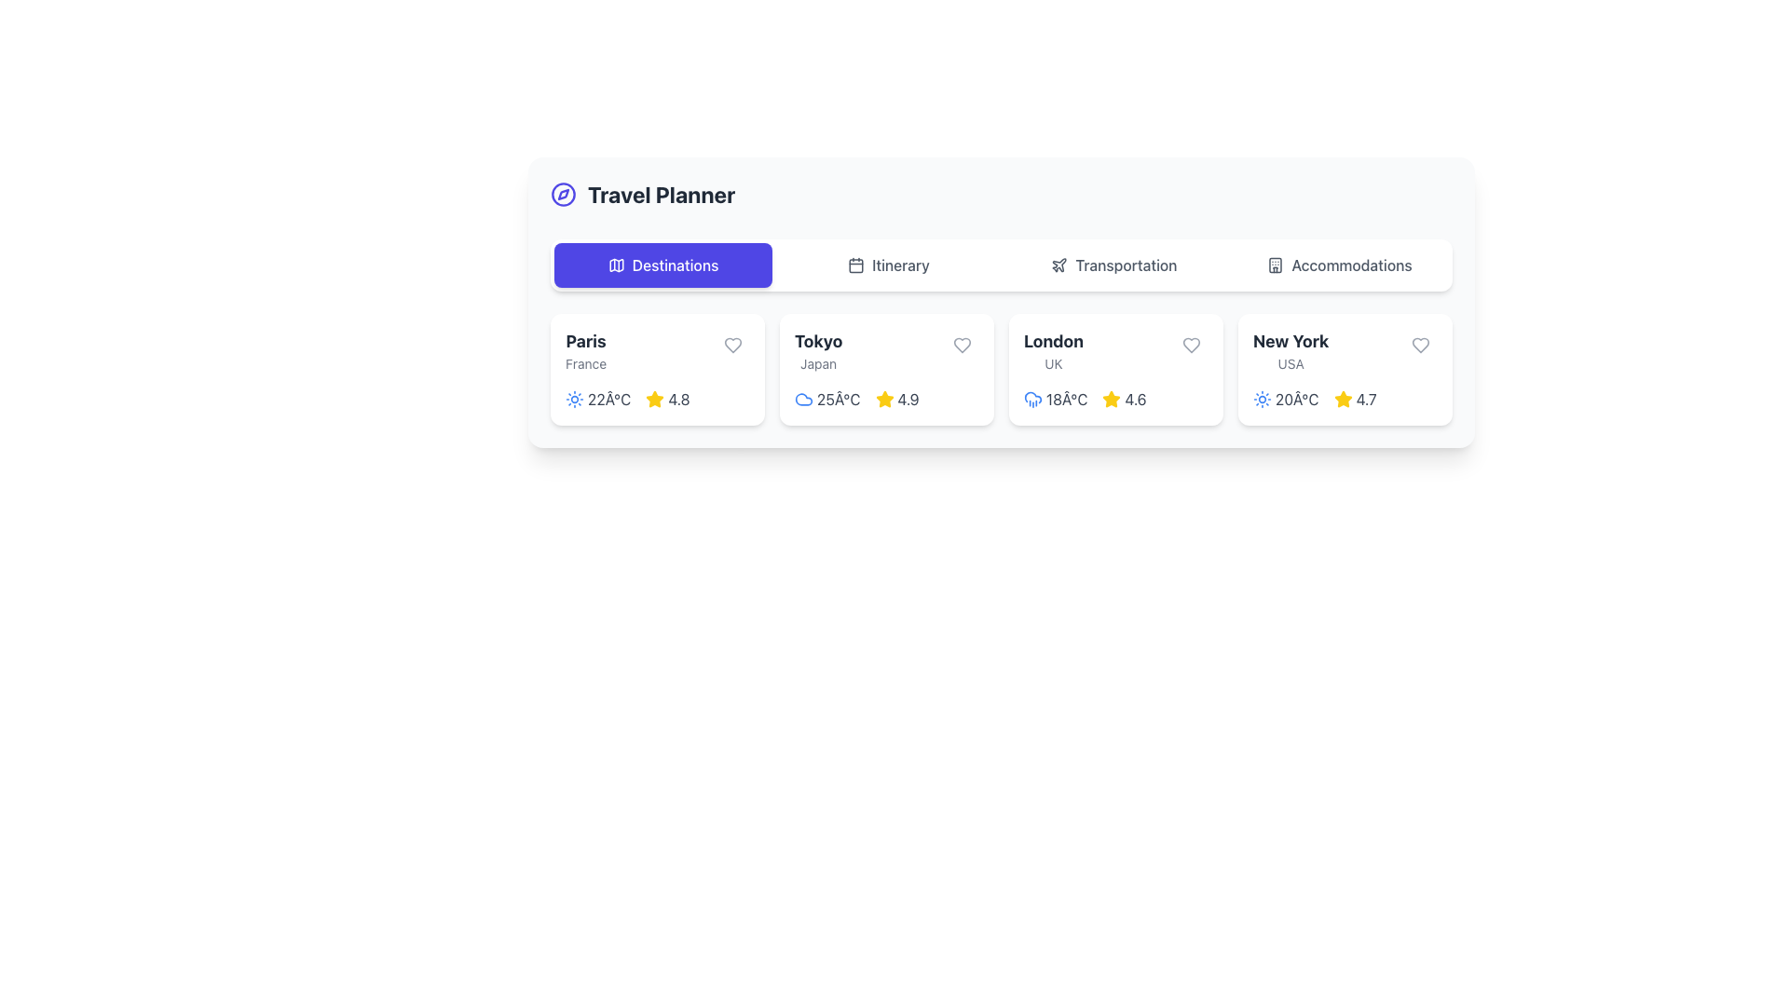 The height and width of the screenshot is (1006, 1789). What do you see at coordinates (908, 398) in the screenshot?
I see `text from the rating value label located inside the 'Tokyo' card, positioned to the right of the star icon in the 'Ratings' block` at bounding box center [908, 398].